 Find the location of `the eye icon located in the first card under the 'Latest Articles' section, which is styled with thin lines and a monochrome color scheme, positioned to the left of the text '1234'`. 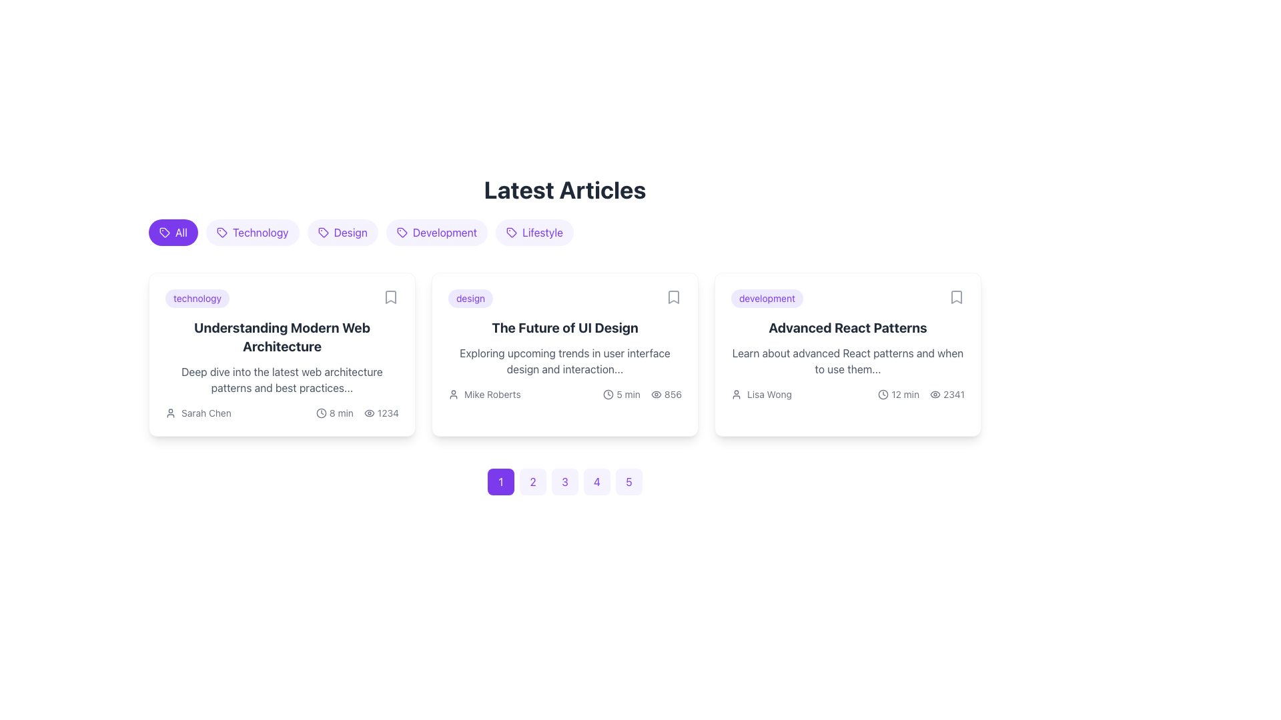

the eye icon located in the first card under the 'Latest Articles' section, which is styled with thin lines and a monochrome color scheme, positioned to the left of the text '1234' is located at coordinates (369, 413).